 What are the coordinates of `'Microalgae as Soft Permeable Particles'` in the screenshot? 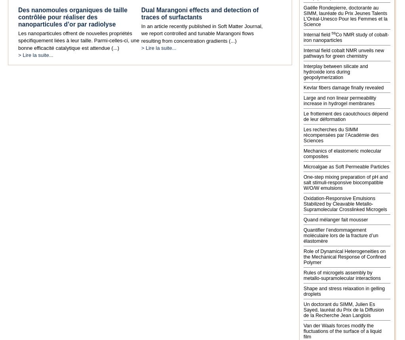 It's located at (346, 166).